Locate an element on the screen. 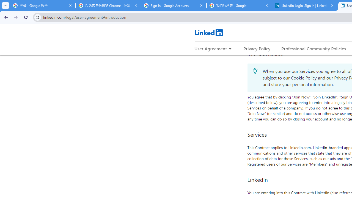  'LinkedIn Login, Sign in | LinkedIn' is located at coordinates (304, 5).